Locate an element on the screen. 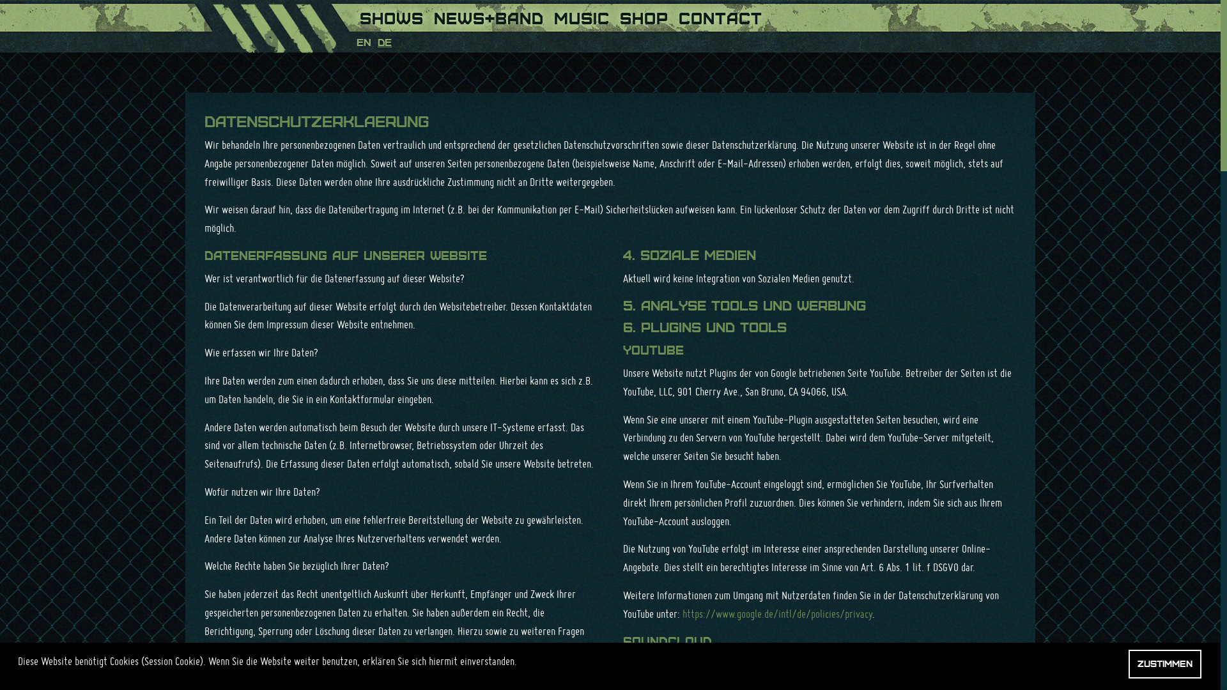 The width and height of the screenshot is (1227, 690). 'CONTACT' is located at coordinates (720, 15).